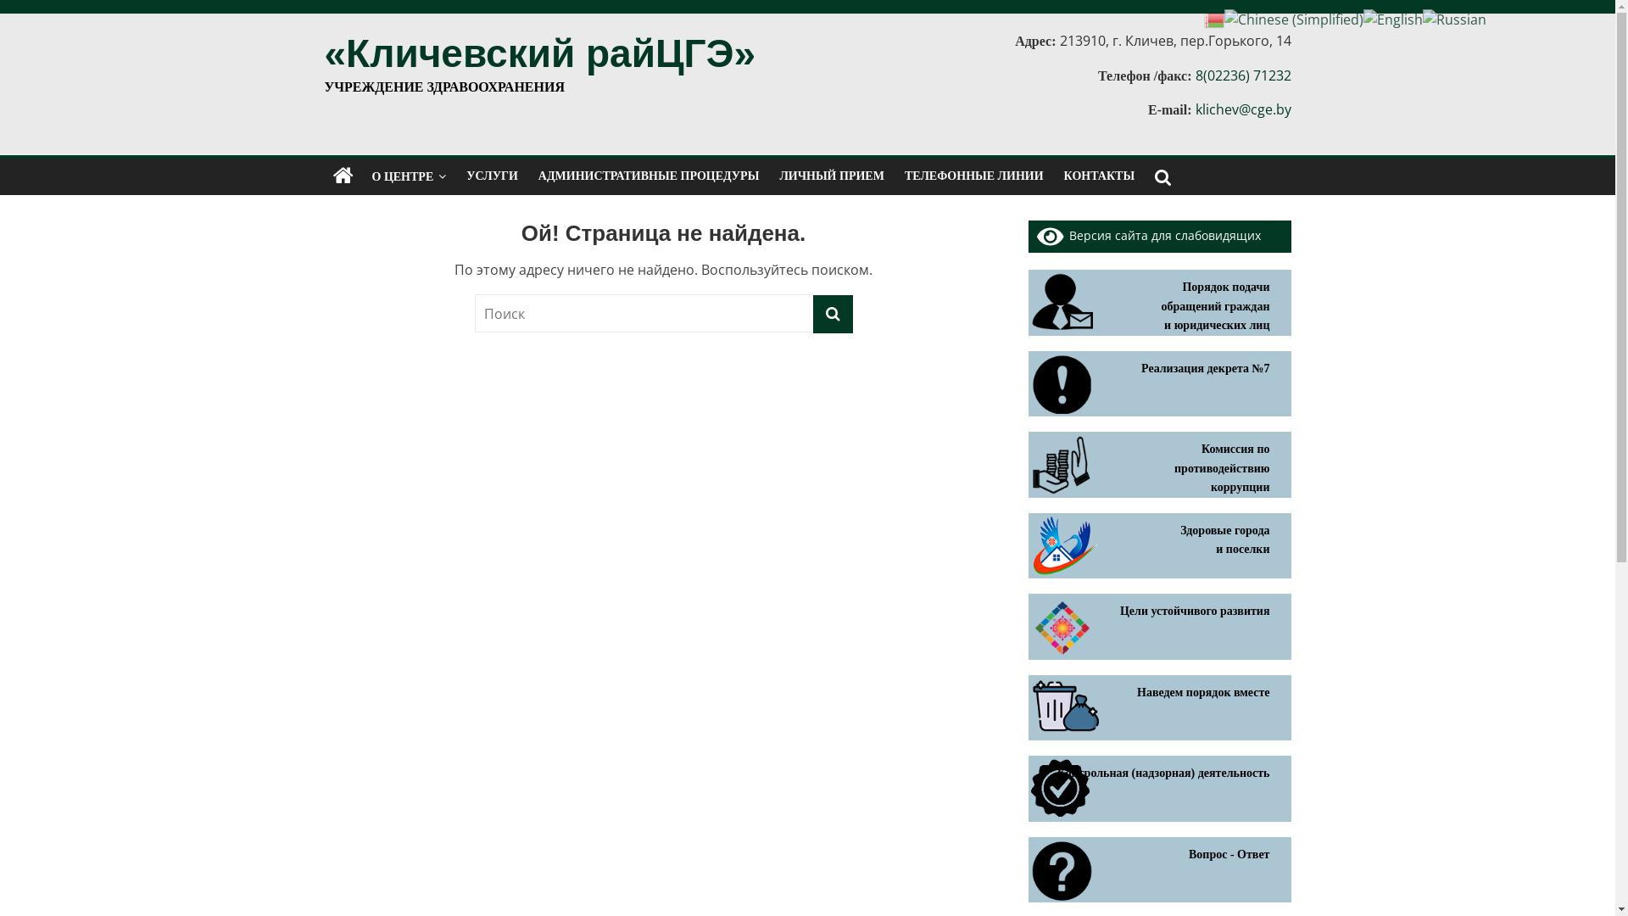 This screenshot has width=1628, height=916. What do you see at coordinates (1195, 109) in the screenshot?
I see `'klichev@cge.by'` at bounding box center [1195, 109].